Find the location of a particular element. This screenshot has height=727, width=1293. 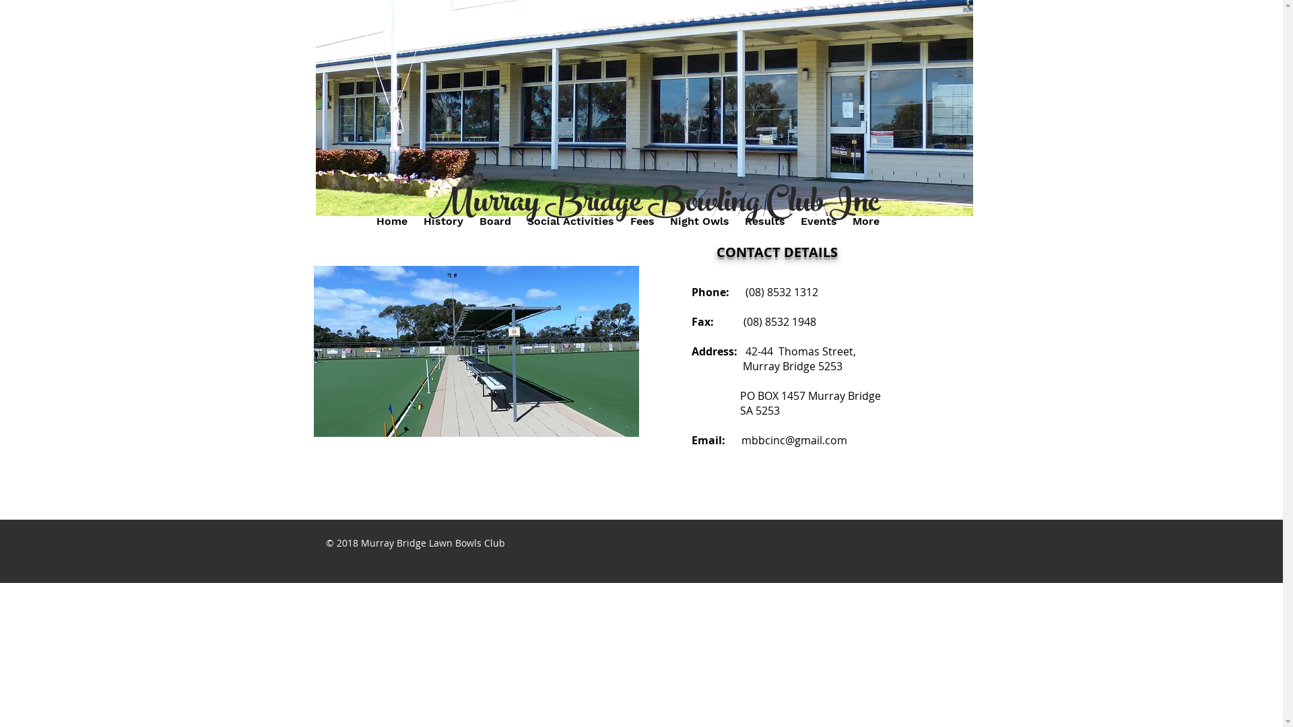

'History' is located at coordinates (442, 220).